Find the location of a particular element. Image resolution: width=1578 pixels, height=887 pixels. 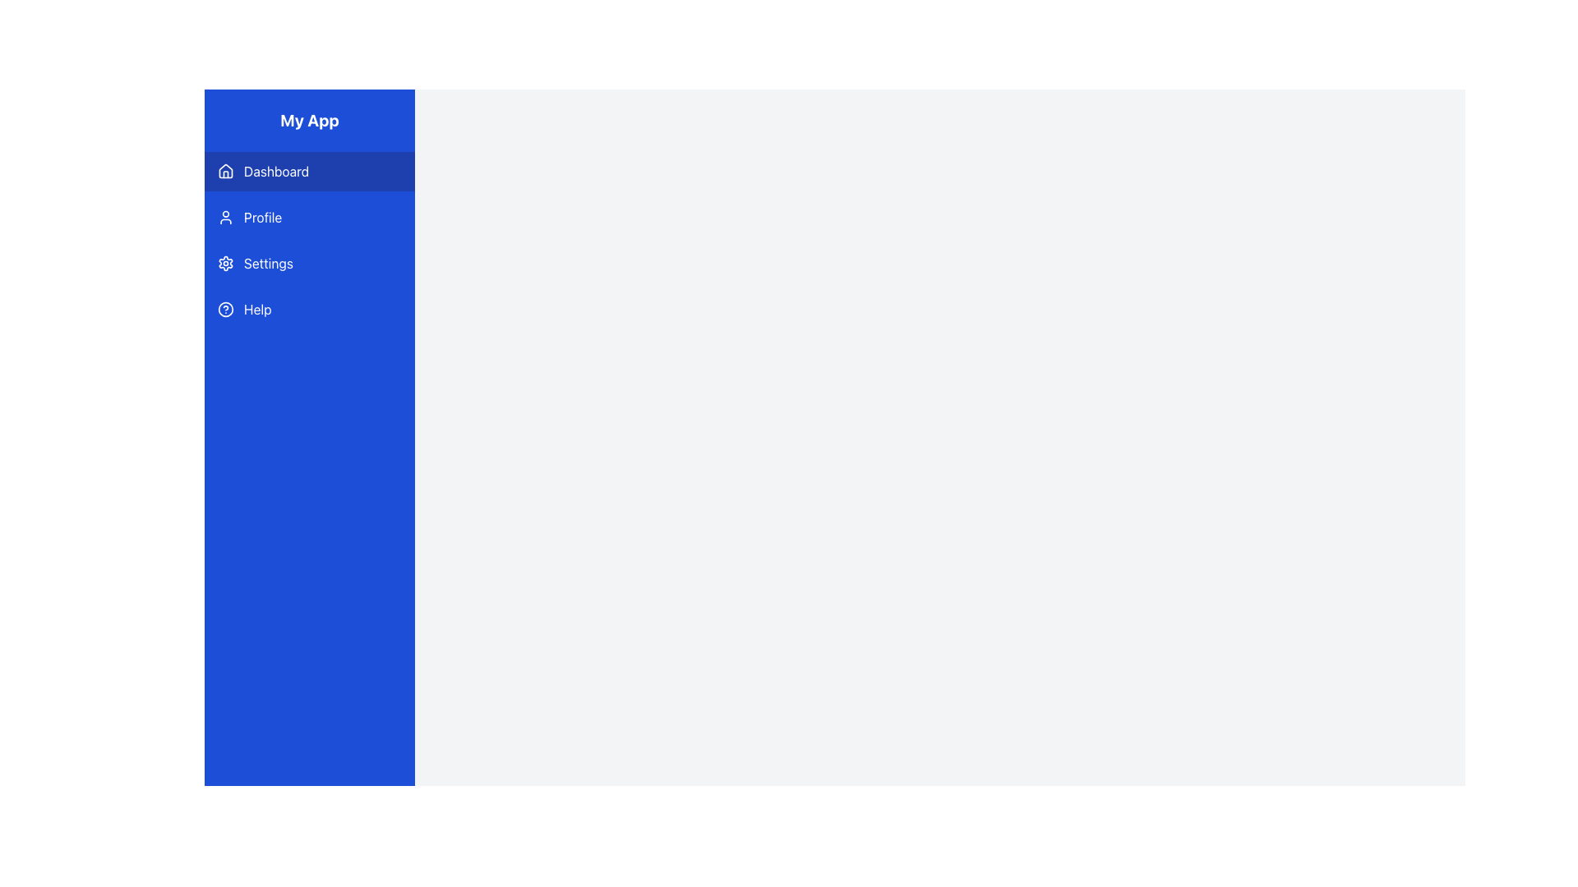

the Text Display element, which serves as the title or logo for the application, located at the top of the vertical navigation section is located at coordinates (310, 119).